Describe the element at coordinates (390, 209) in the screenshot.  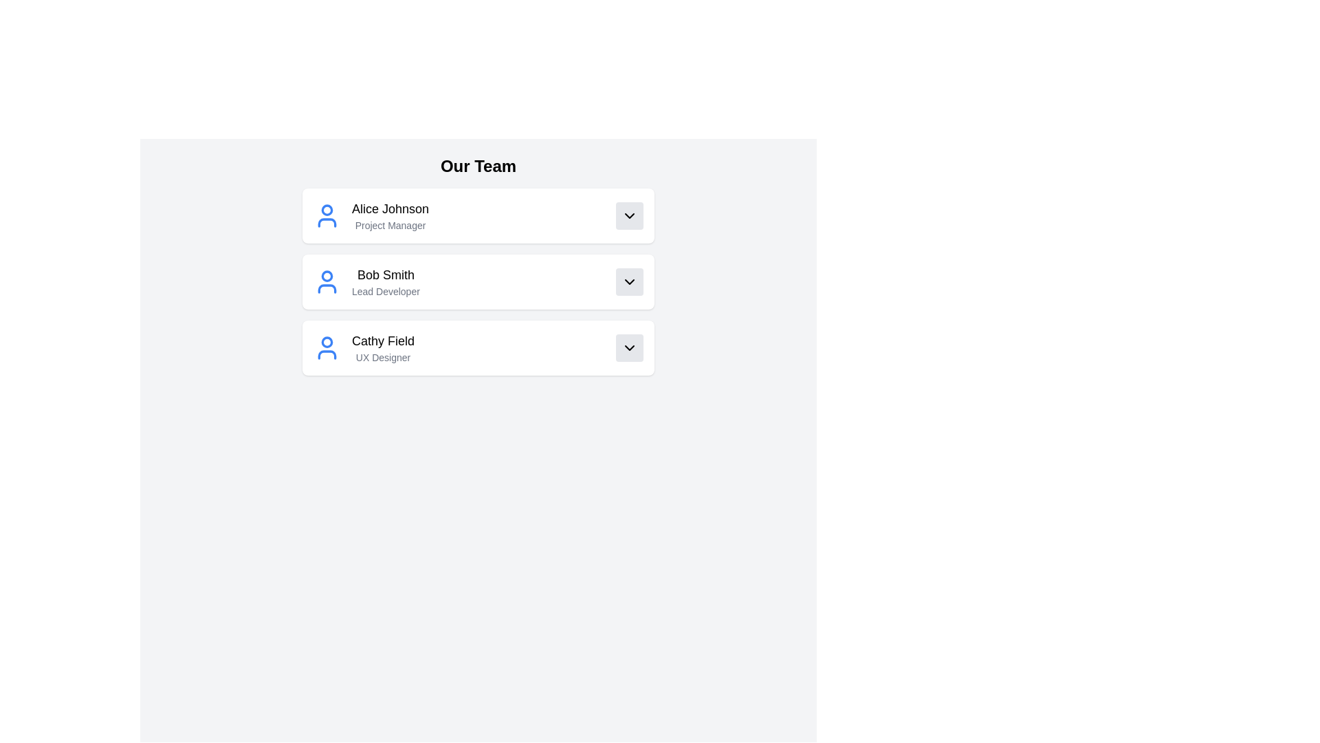
I see `the static text label displaying the name 'Alice Johnson', which is located in the upper-middle region of the interface under the heading 'Our Team'` at that location.